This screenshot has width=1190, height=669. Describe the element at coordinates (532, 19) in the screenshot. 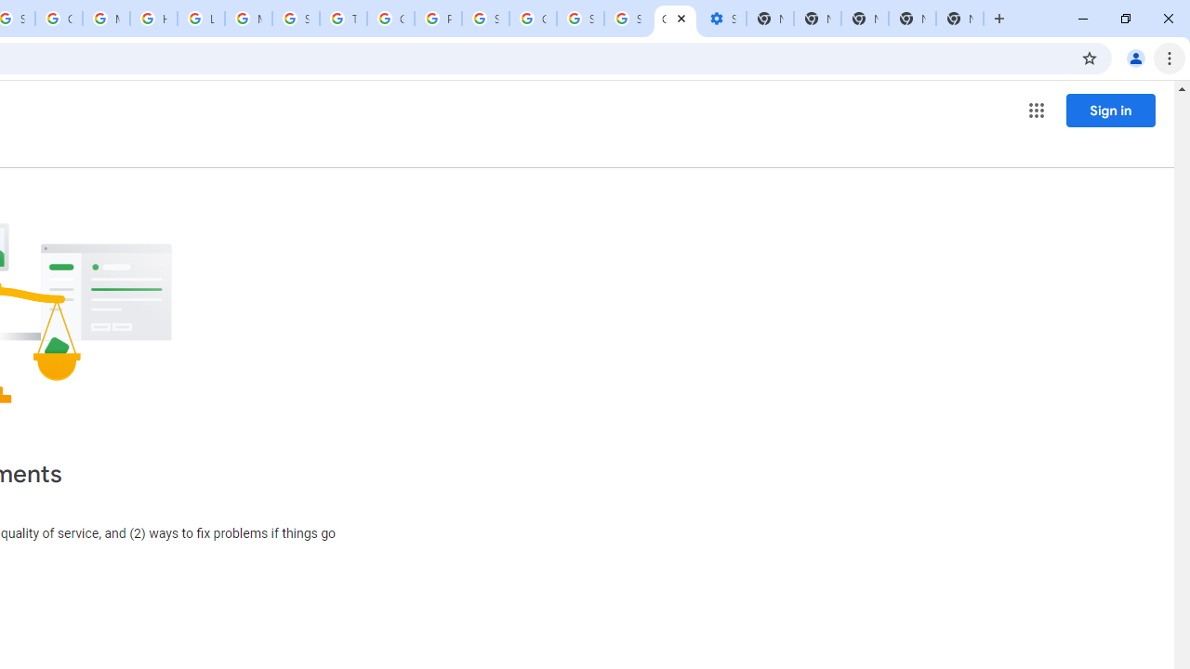

I see `'Google Cybersecurity Innovations - Google Safety Center'` at that location.